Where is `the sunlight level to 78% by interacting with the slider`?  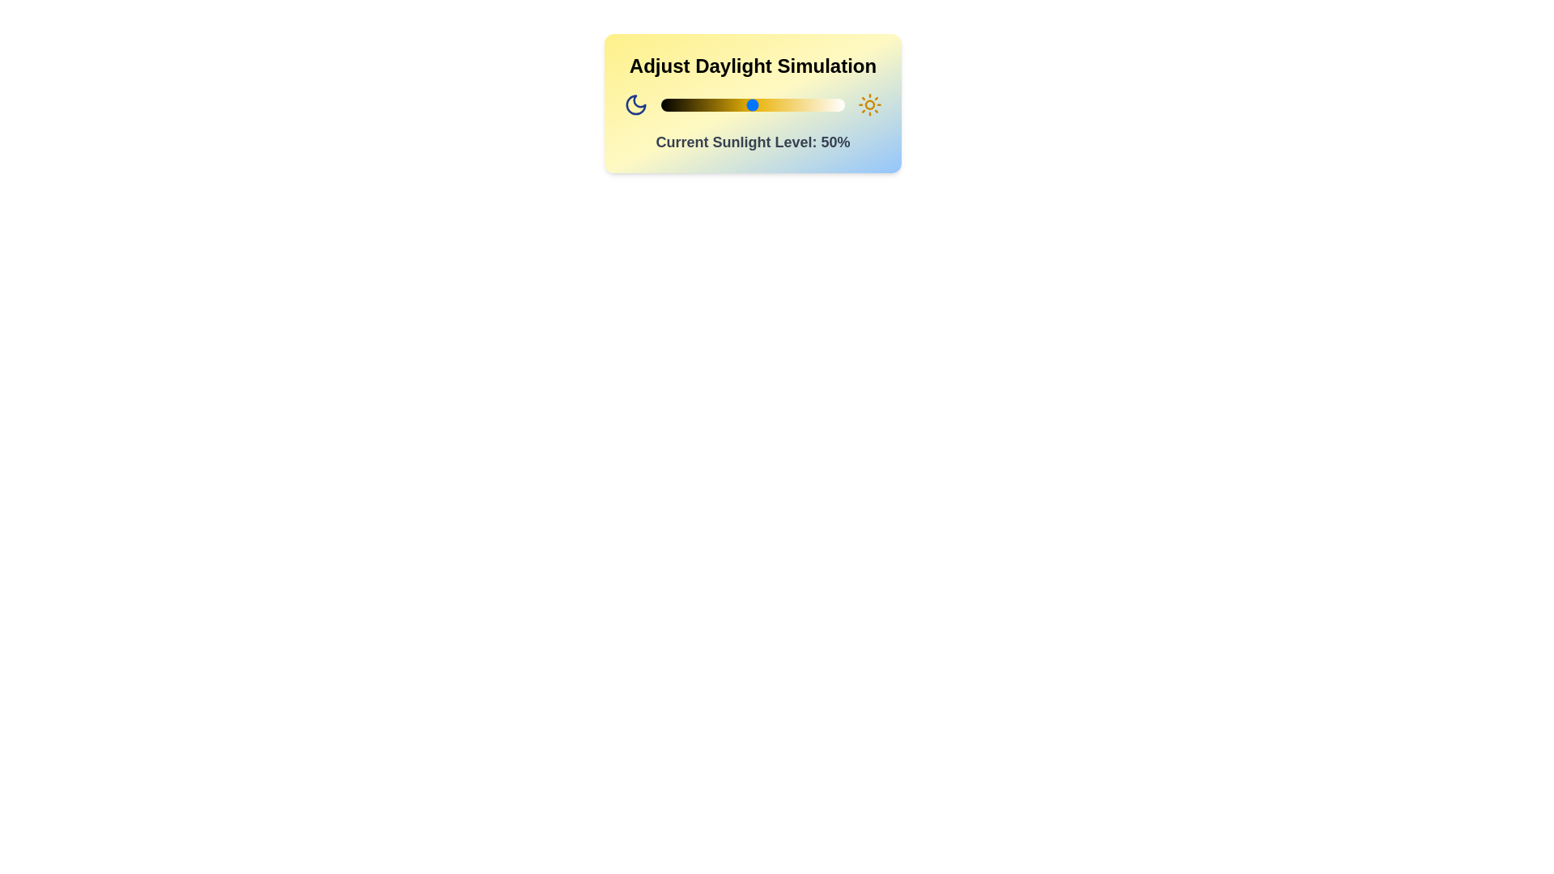
the sunlight level to 78% by interacting with the slider is located at coordinates (804, 105).